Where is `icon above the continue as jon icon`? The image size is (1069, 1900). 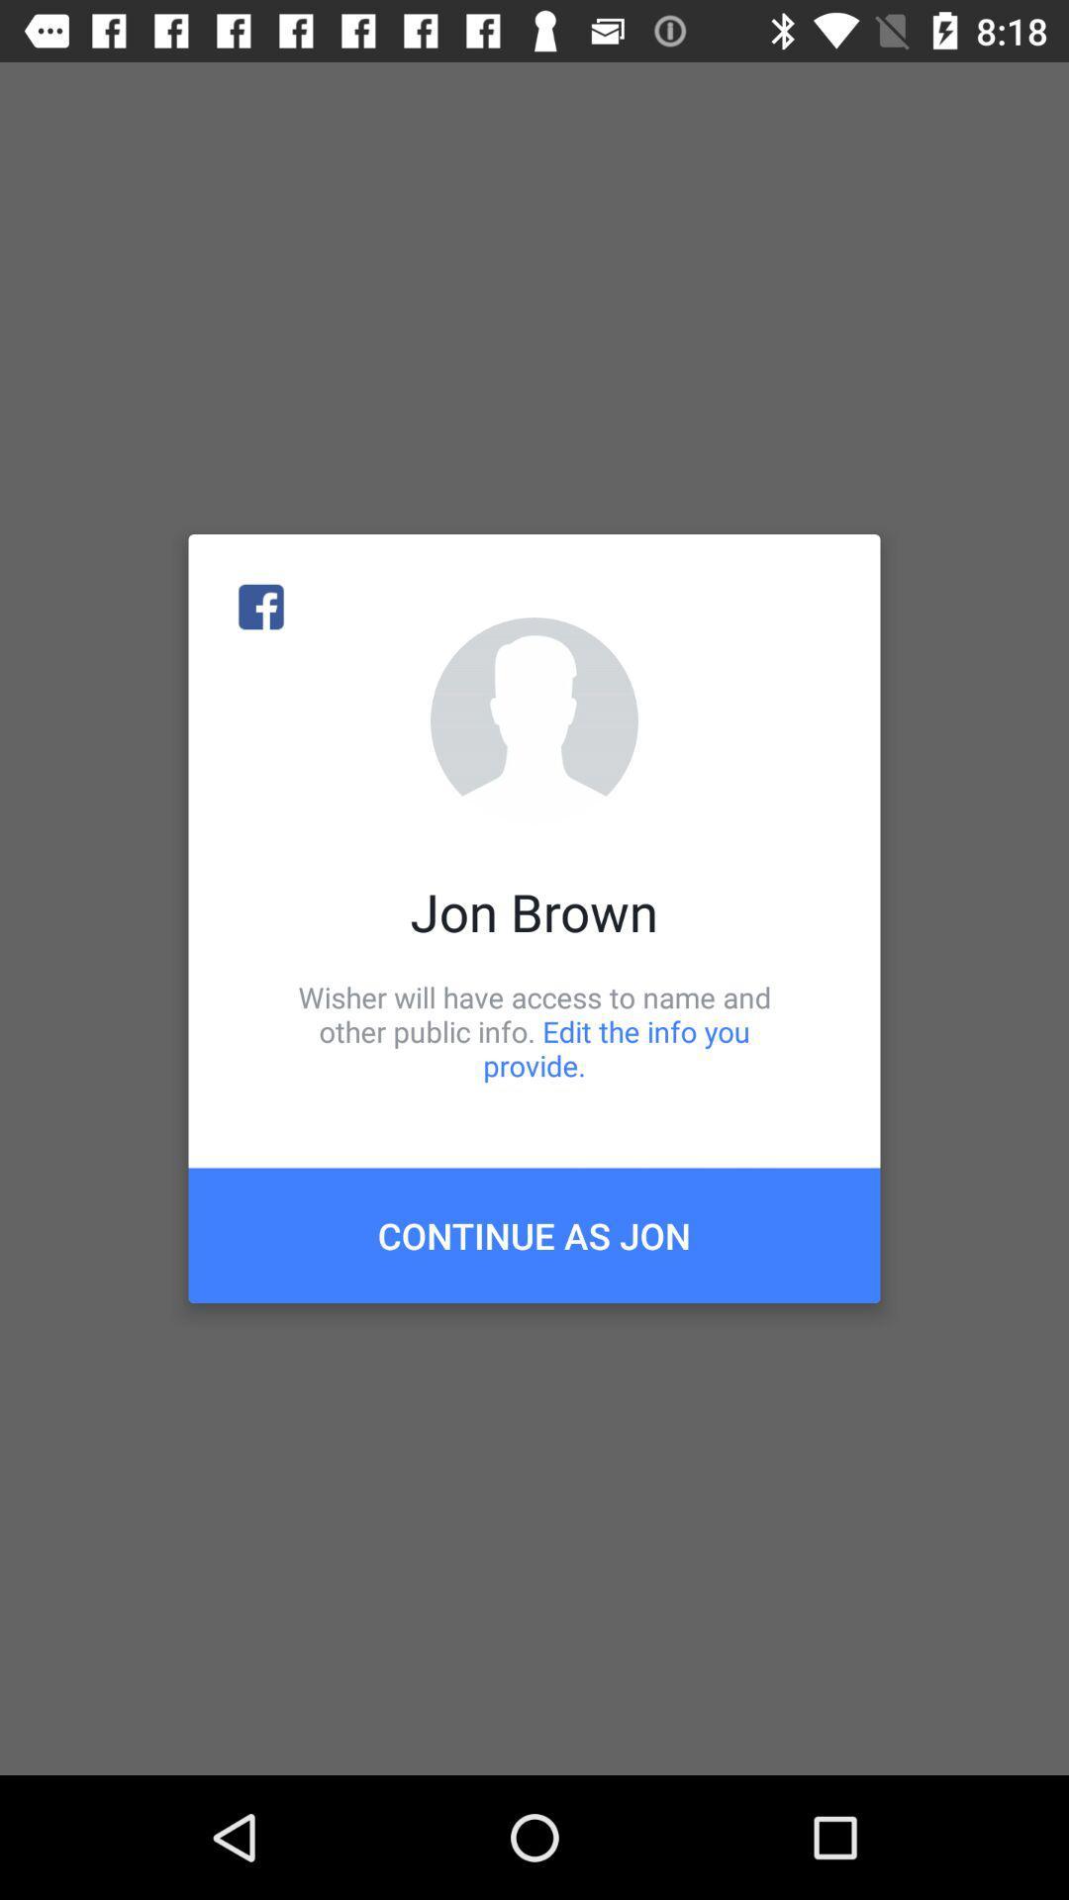
icon above the continue as jon icon is located at coordinates (534, 1030).